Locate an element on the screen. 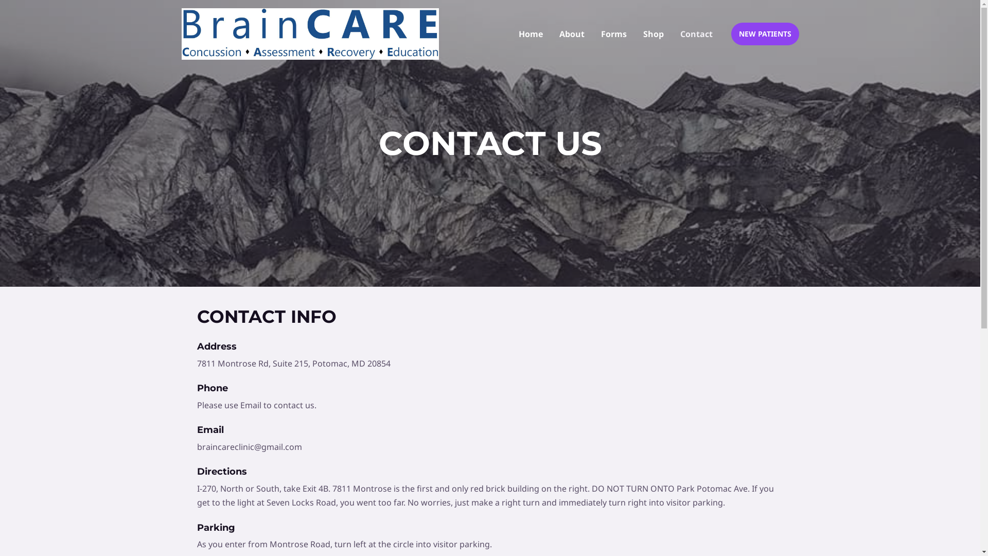  'NEW PATIENTS' is located at coordinates (765, 33).